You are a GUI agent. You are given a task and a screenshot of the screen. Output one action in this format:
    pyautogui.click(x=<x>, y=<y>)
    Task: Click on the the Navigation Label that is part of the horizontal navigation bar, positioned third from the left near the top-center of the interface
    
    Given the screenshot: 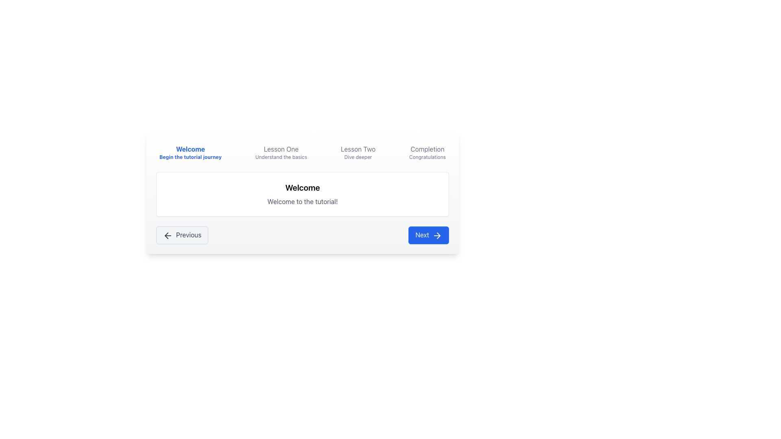 What is the action you would take?
    pyautogui.click(x=358, y=149)
    